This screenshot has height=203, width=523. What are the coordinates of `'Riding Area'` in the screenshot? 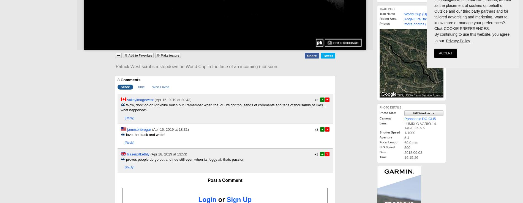 It's located at (388, 18).